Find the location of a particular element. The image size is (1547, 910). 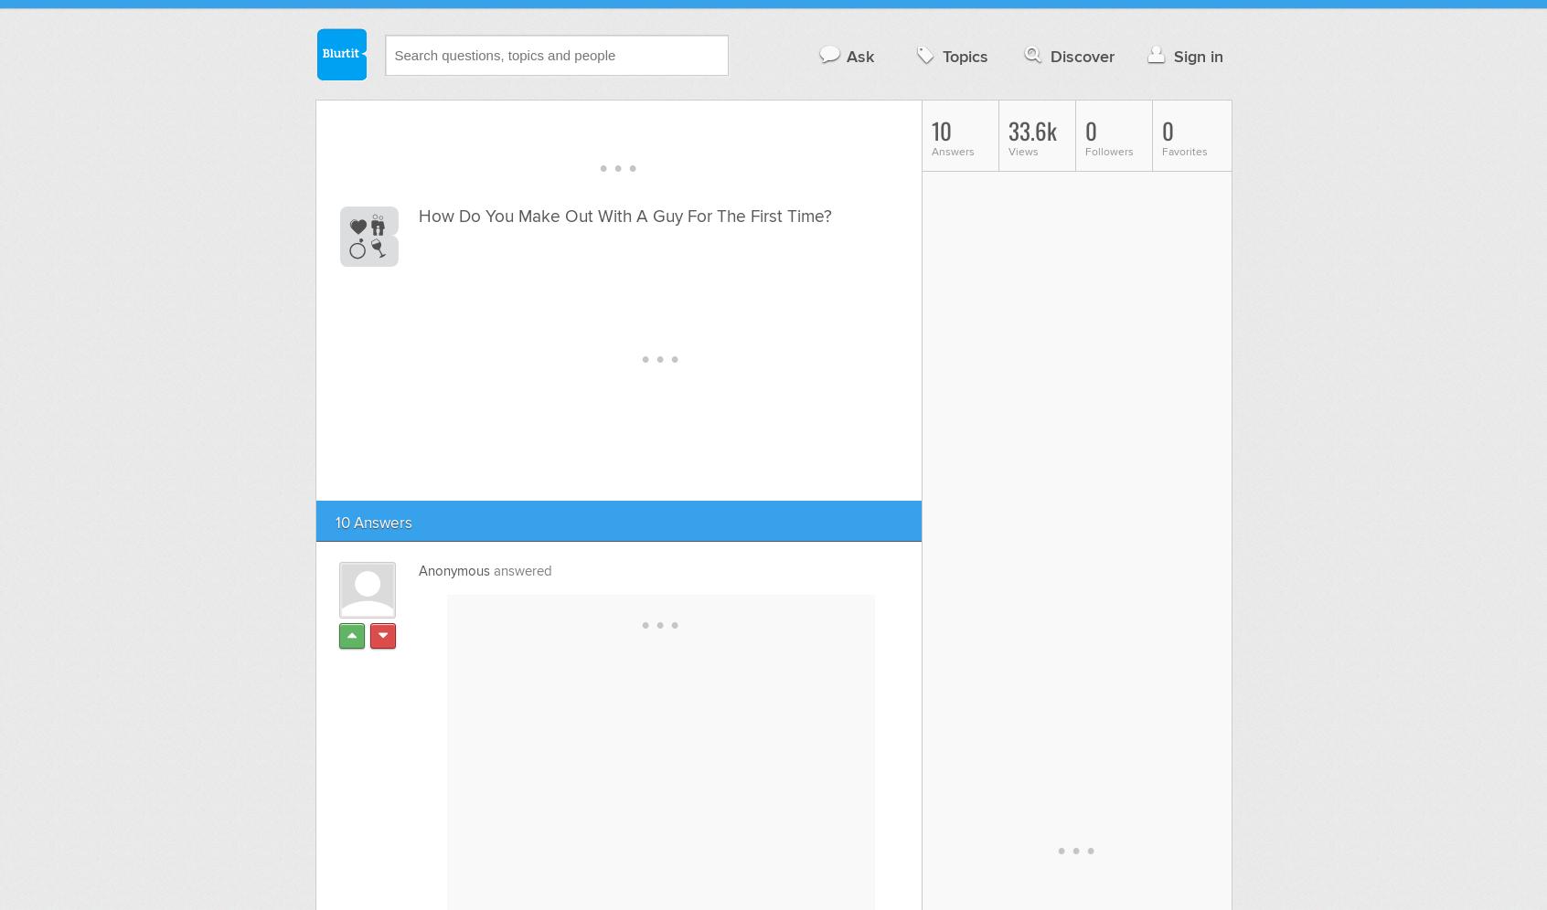

'Views' is located at coordinates (1022, 152).